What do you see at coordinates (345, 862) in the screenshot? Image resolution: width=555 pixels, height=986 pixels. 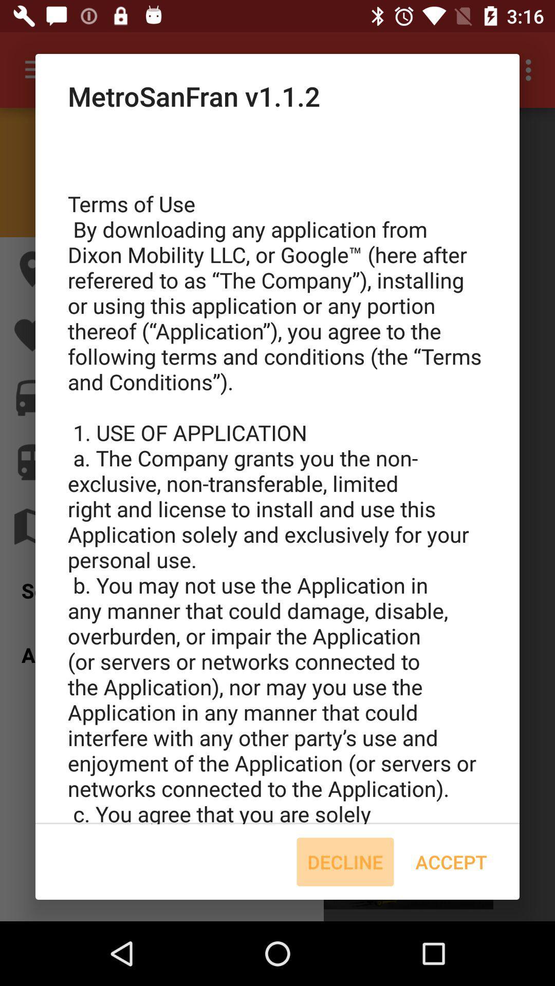 I see `the icon at the bottom` at bounding box center [345, 862].